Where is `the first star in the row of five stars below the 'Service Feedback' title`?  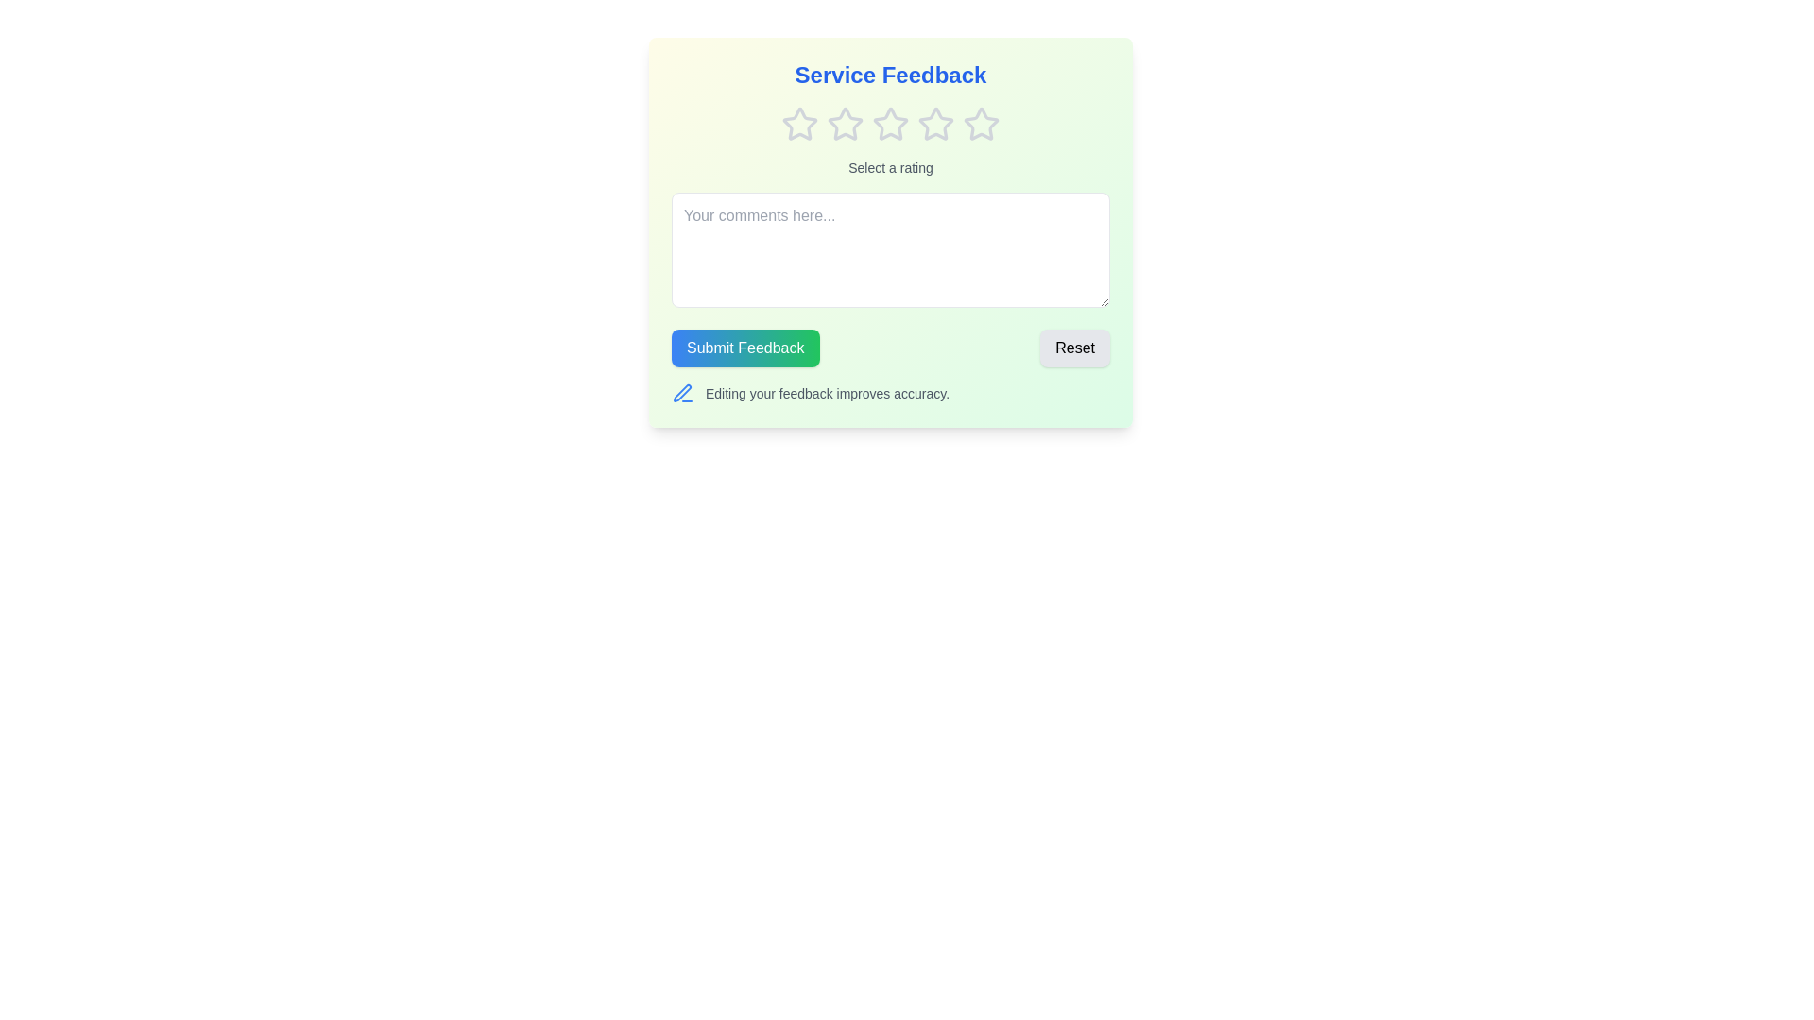
the first star in the row of five stars below the 'Service Feedback' title is located at coordinates (799, 124).